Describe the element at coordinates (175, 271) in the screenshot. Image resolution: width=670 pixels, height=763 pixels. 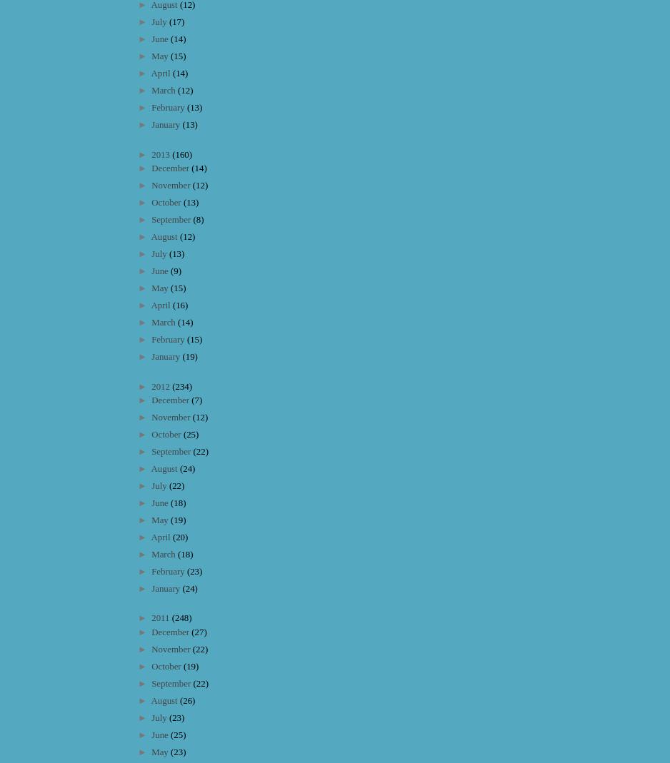
I see `'(9)'` at that location.